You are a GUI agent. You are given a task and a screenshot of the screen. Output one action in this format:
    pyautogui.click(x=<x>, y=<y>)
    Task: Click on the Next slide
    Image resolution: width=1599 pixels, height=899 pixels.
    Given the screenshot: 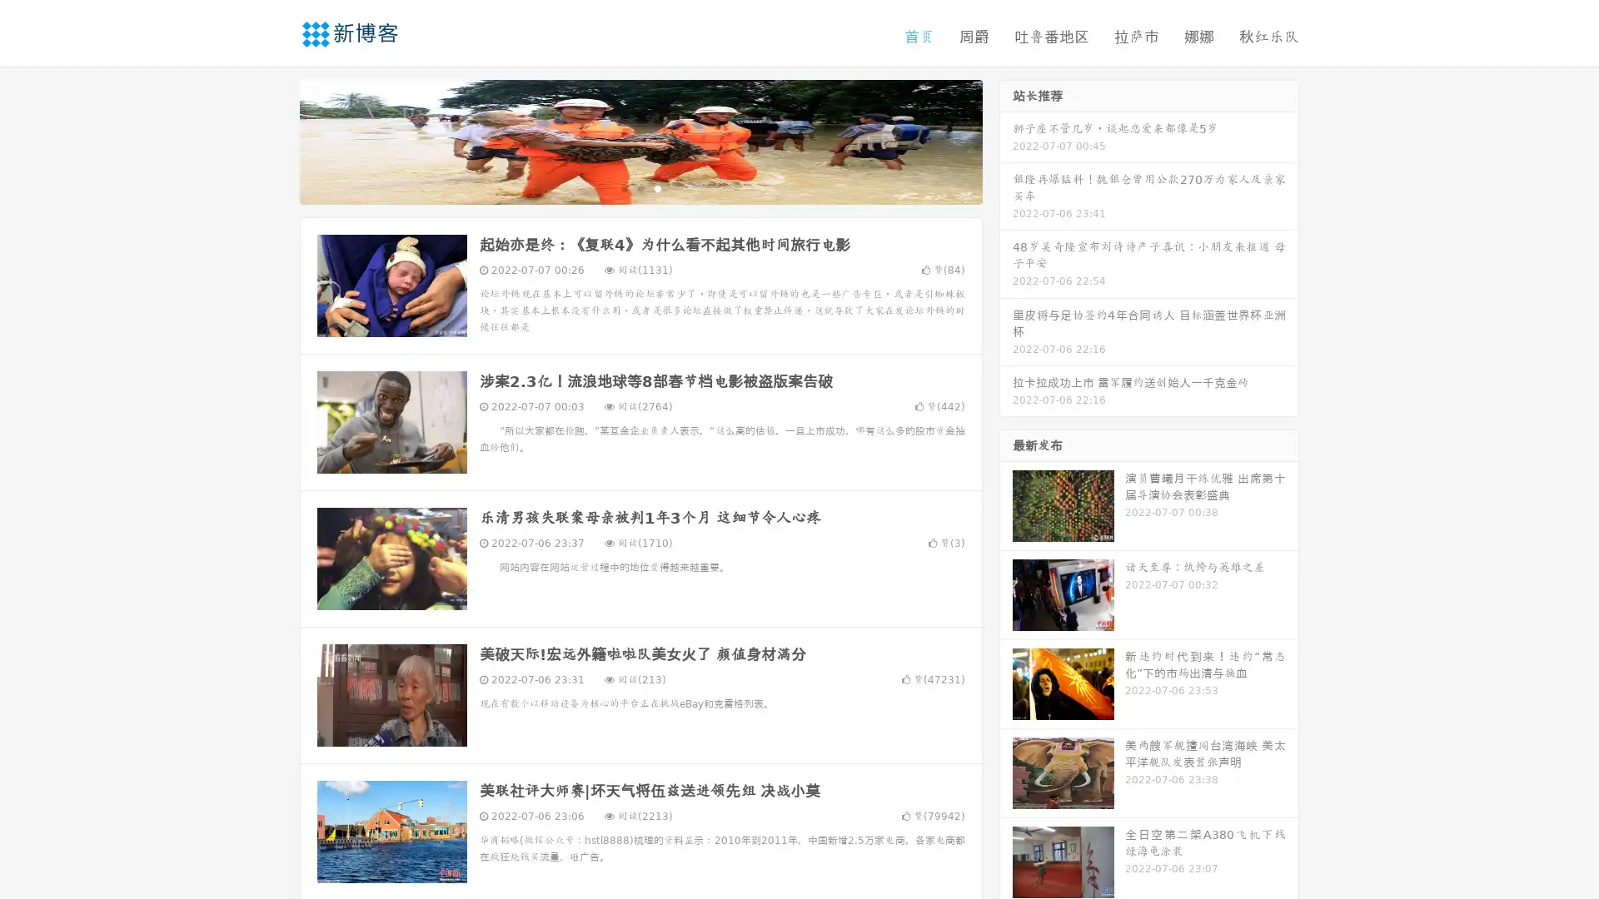 What is the action you would take?
    pyautogui.click(x=1006, y=140)
    